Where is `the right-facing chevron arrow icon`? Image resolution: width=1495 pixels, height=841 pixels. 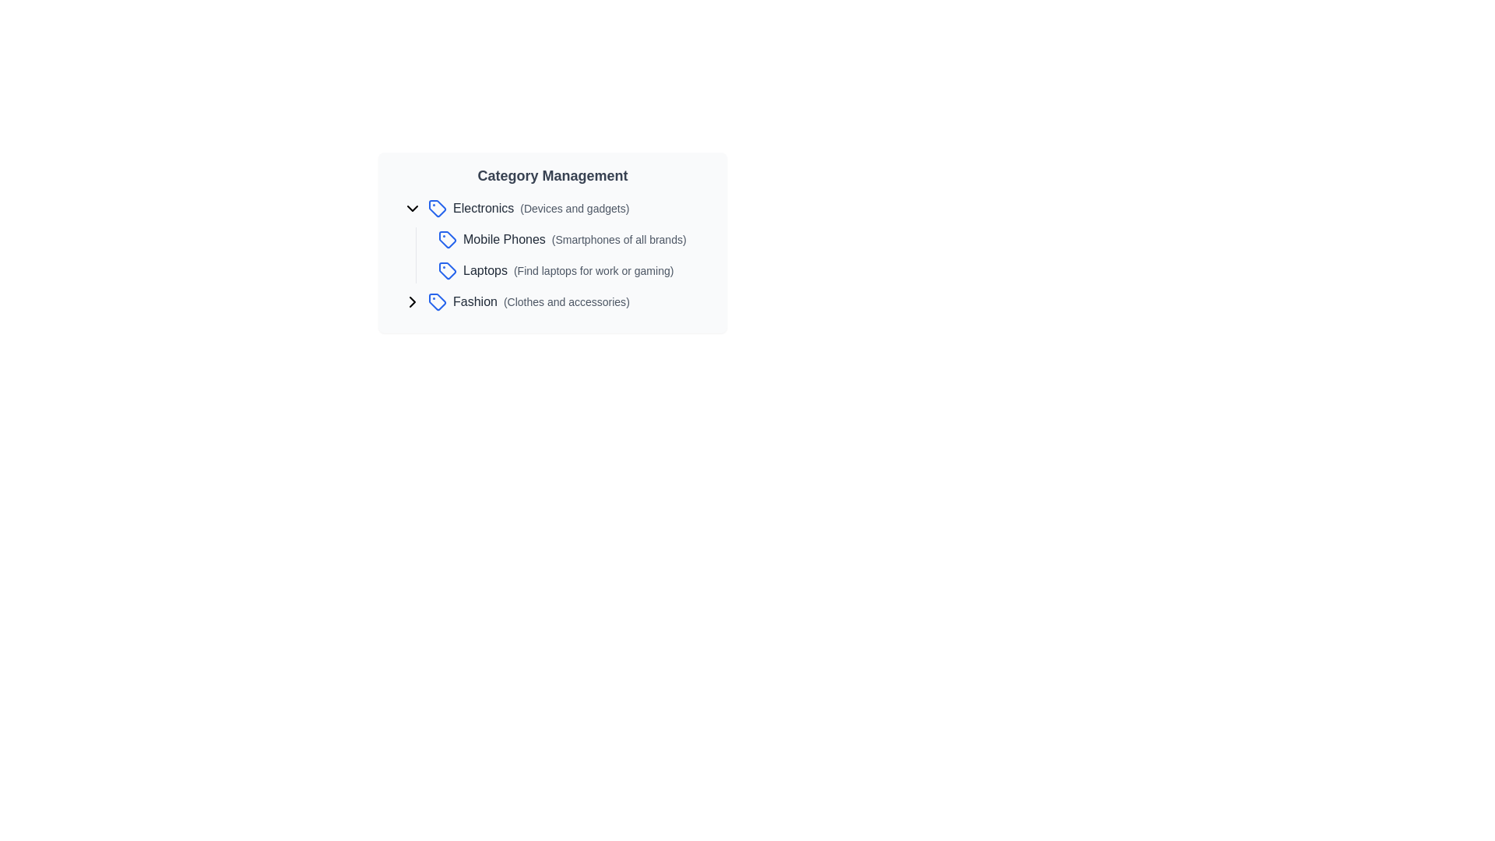 the right-facing chevron arrow icon is located at coordinates (412, 302).